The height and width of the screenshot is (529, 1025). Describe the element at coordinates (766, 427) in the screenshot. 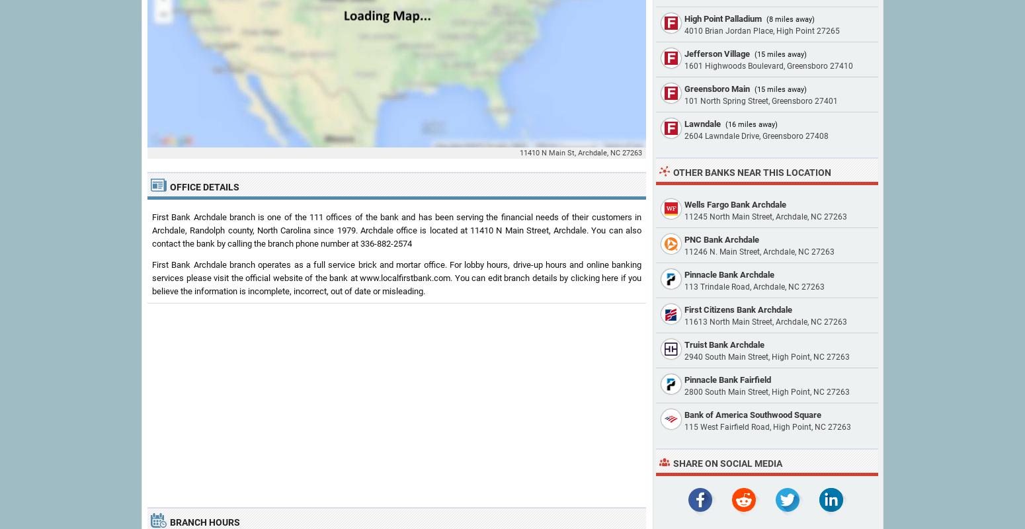

I see `'115 West Fairfield Road, High Point, NC 27263'` at that location.